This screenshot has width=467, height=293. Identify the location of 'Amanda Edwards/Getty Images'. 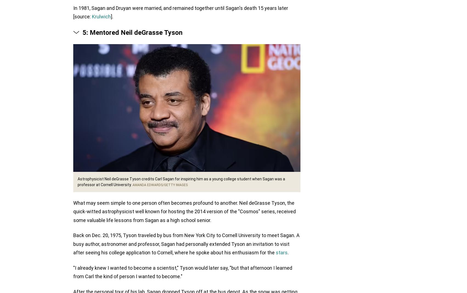
(160, 185).